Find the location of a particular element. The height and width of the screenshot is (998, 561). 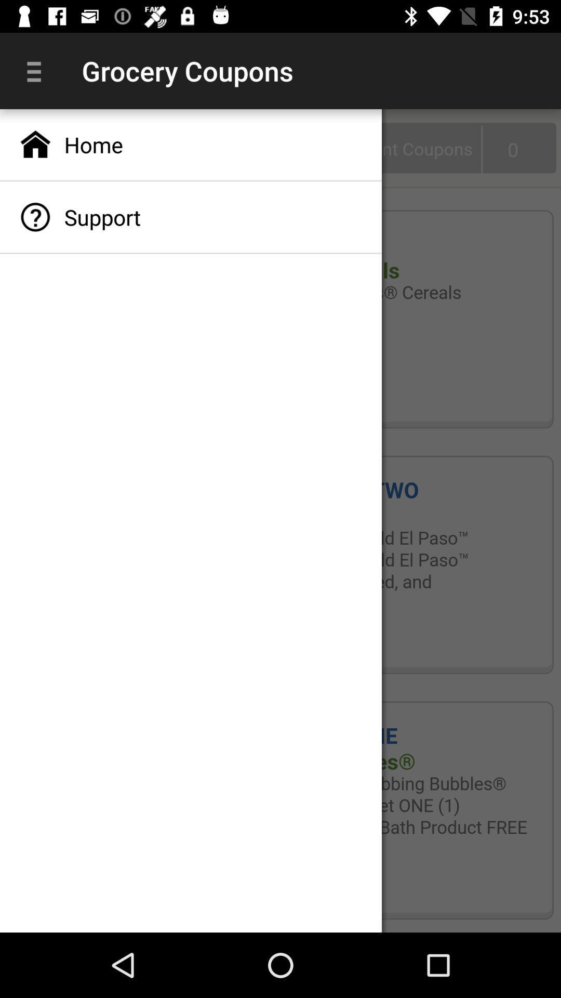

support icon is located at coordinates (191, 216).